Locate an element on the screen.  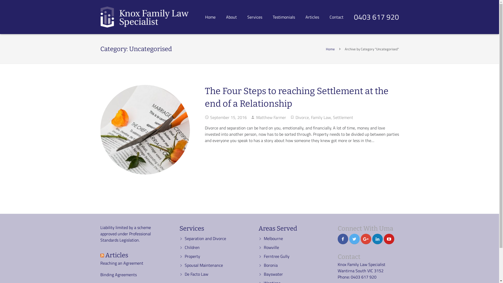
'Bayswater' is located at coordinates (264, 274).